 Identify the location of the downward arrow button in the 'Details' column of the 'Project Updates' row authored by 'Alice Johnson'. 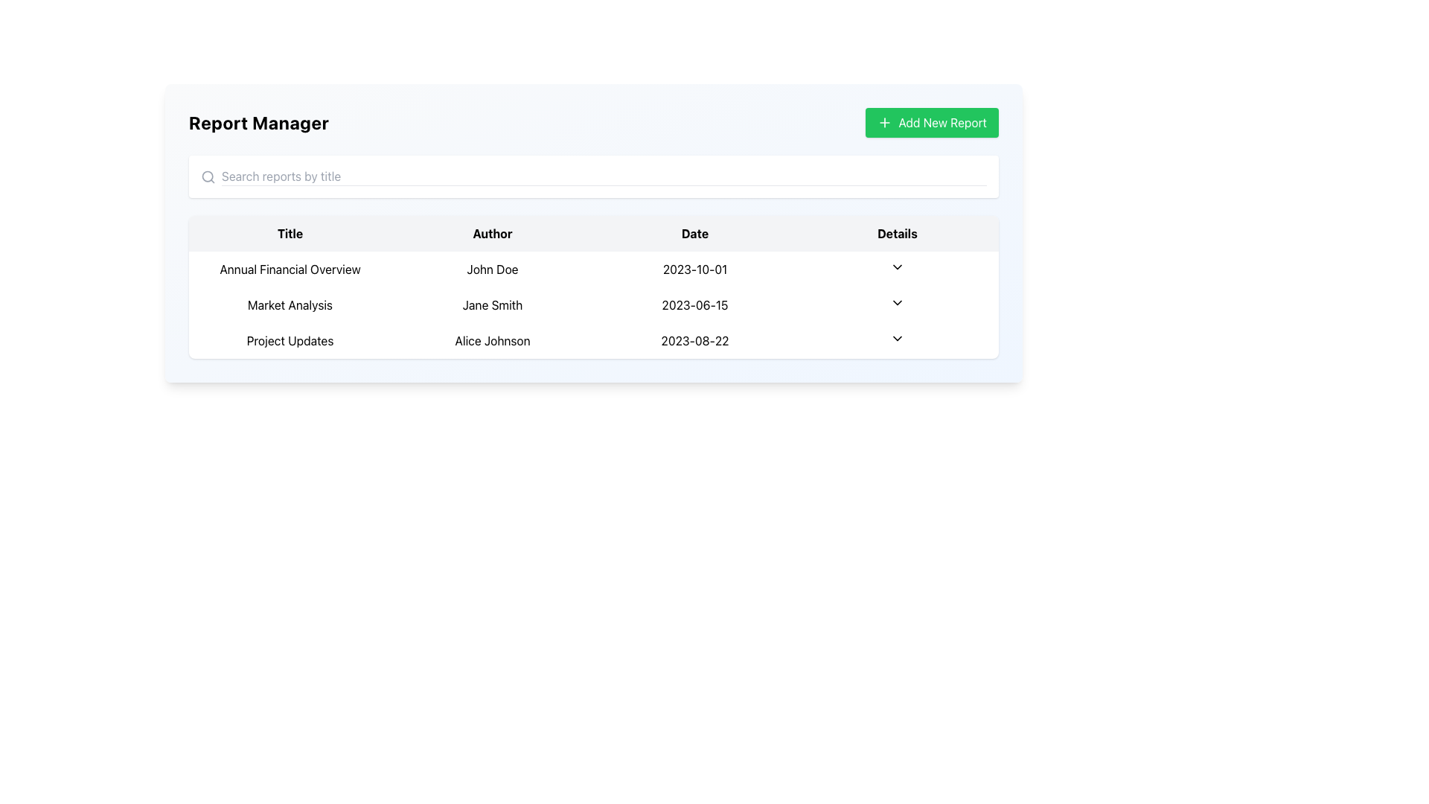
(896, 341).